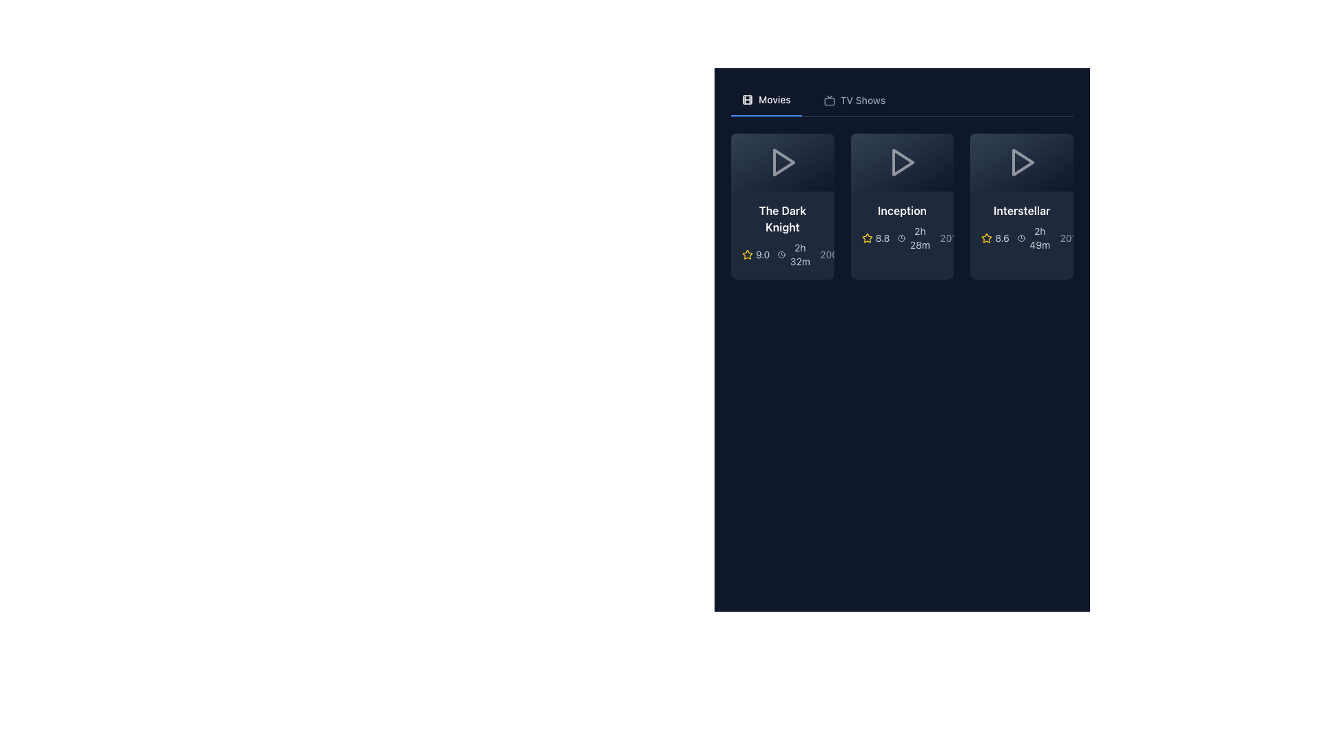  What do you see at coordinates (828, 100) in the screenshot?
I see `the decorative icon for the 'TV Shows' menu item located in the navigation bar, positioned to the right of the 'Movies' button` at bounding box center [828, 100].